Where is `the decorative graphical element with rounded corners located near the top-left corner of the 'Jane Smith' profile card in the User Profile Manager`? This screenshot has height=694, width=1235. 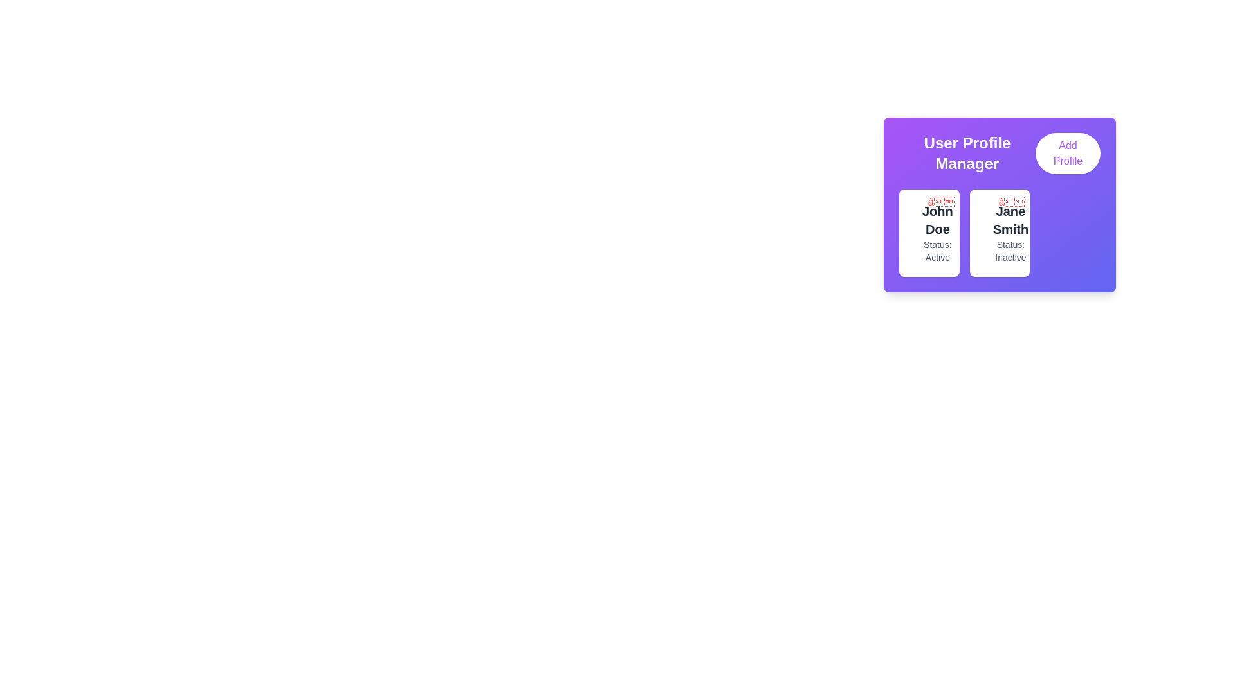
the decorative graphical element with rounded corners located near the top-left corner of the 'Jane Smith' profile card in the User Profile Manager is located at coordinates (989, 225).